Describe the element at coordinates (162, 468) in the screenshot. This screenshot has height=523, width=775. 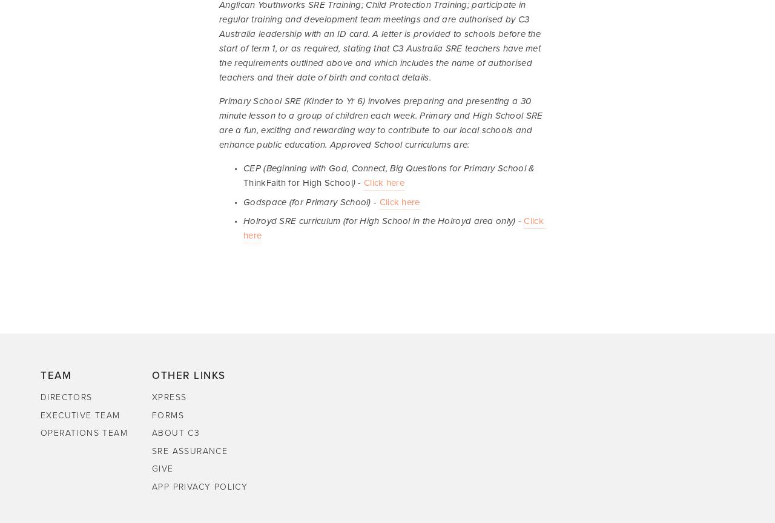
I see `'Give'` at that location.